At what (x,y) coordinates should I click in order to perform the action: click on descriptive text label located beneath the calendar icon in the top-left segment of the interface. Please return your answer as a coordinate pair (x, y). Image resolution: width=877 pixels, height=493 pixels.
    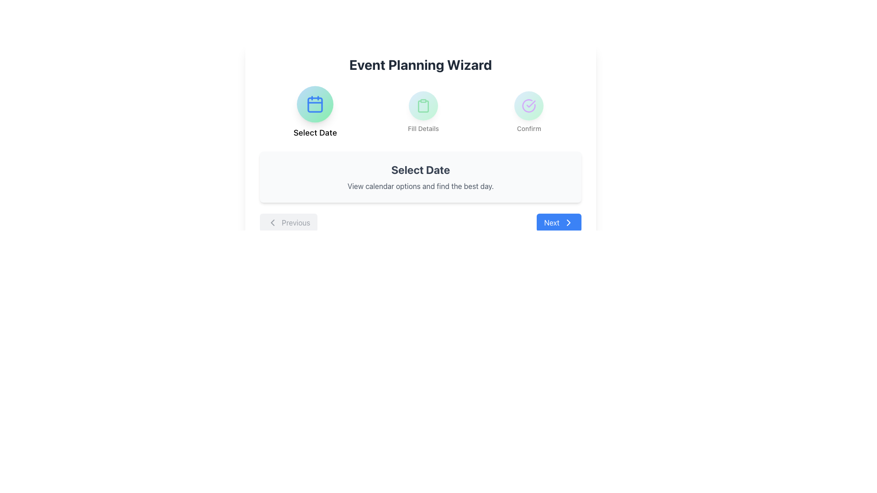
    Looking at the image, I should click on (315, 132).